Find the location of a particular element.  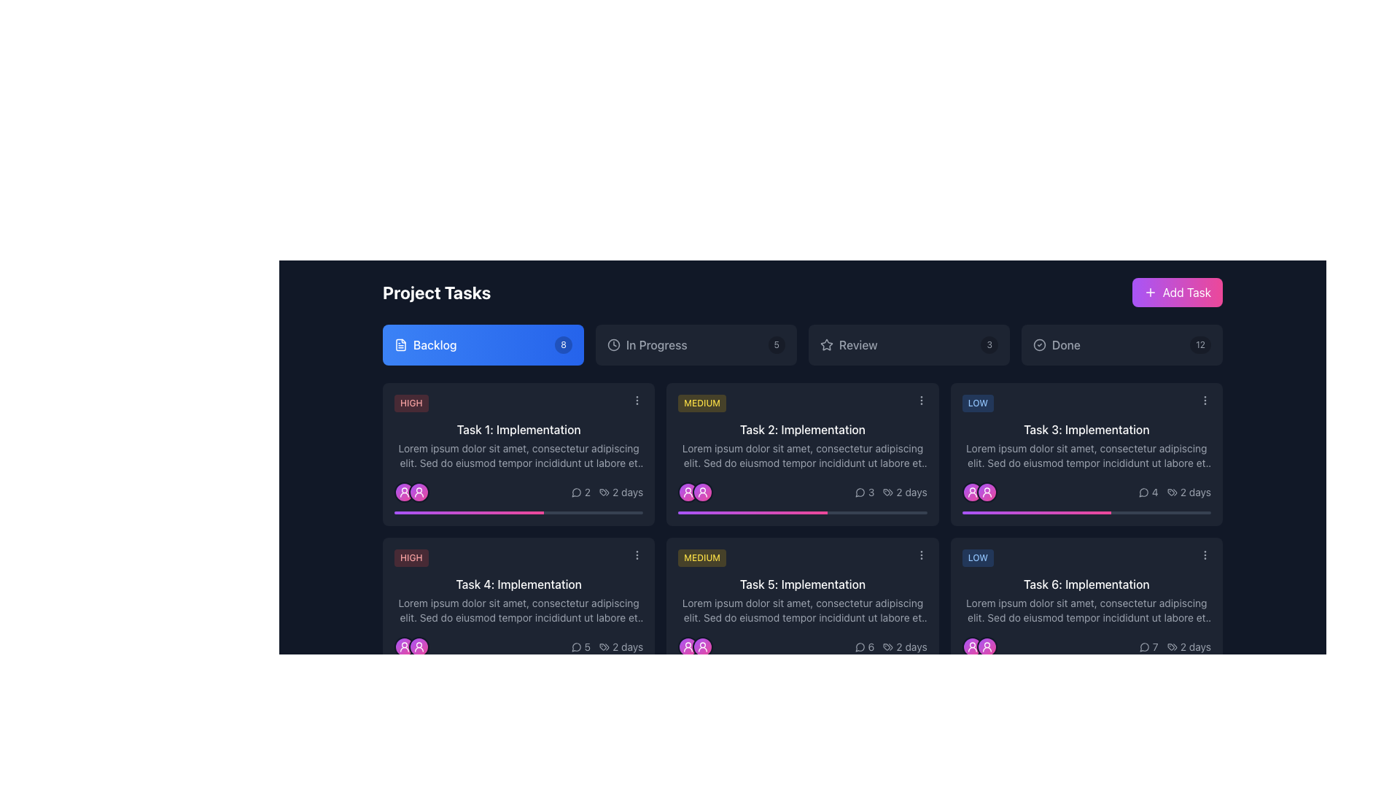

the static text label displaying 'Task 5: Implementation' located in the 'Done' section of the Project Tasks interface is located at coordinates (801, 584).